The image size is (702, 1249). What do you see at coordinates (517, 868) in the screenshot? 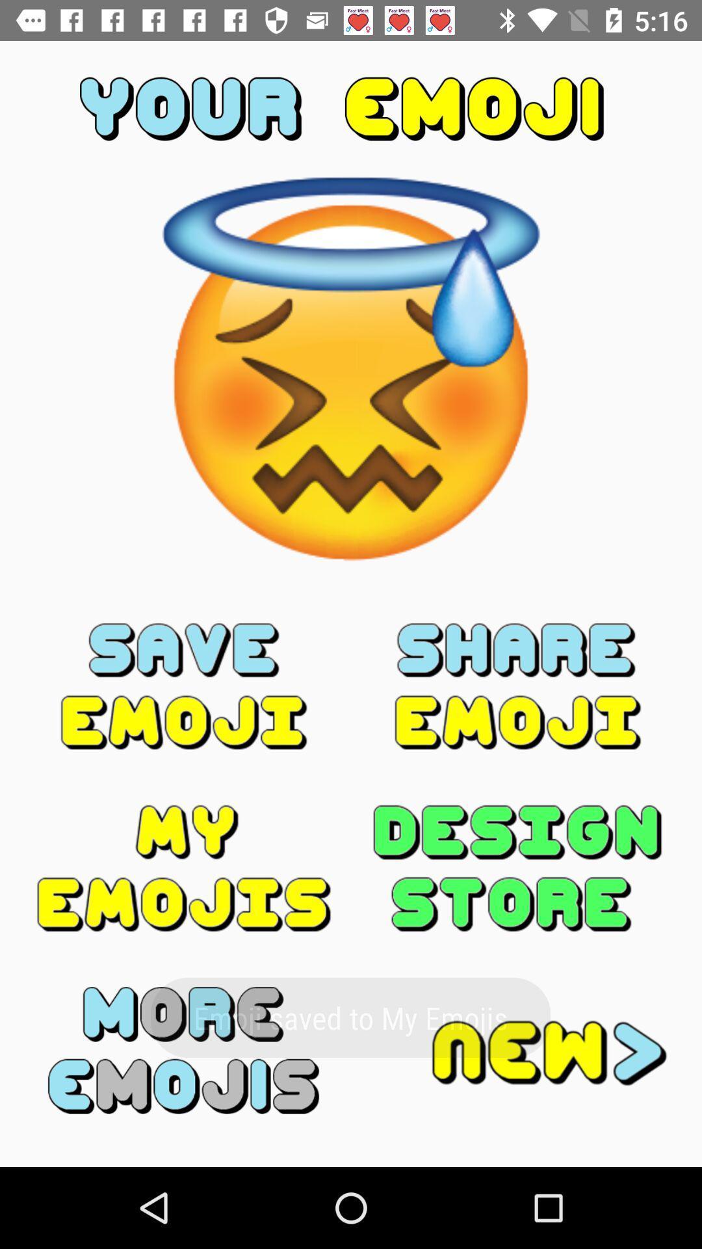
I see `design store` at bounding box center [517, 868].